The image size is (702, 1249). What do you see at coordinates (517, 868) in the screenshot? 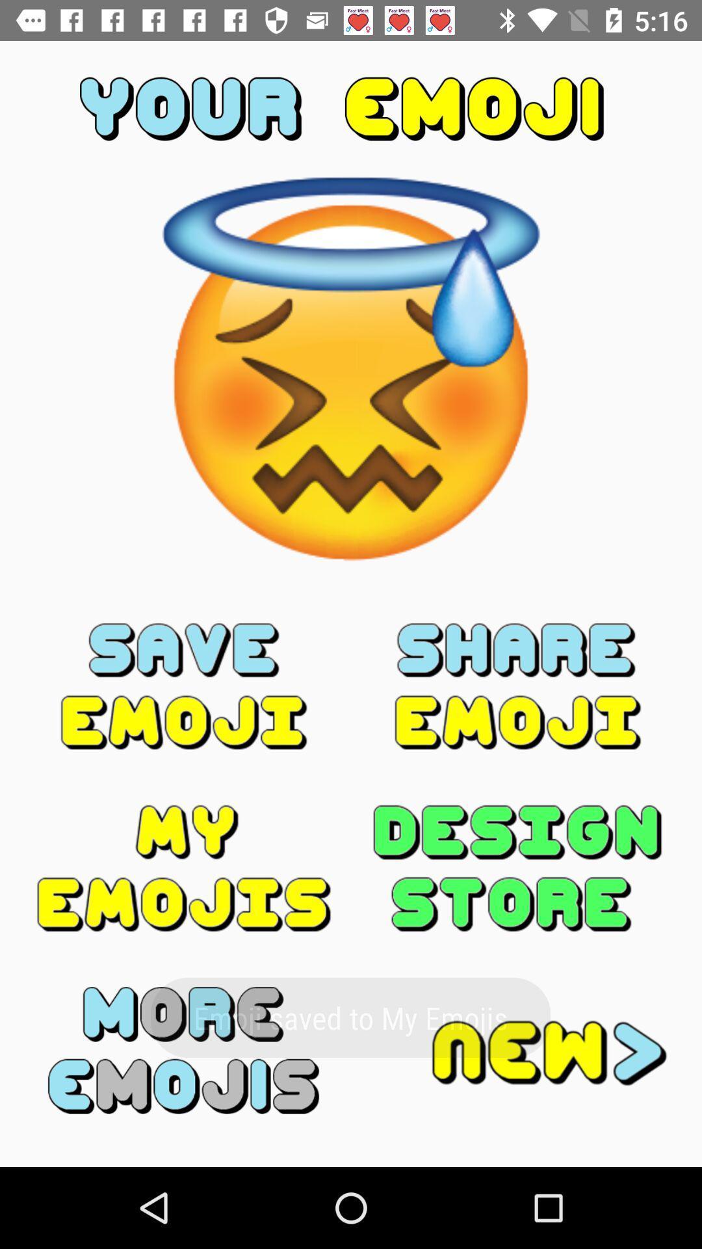
I see `design store` at bounding box center [517, 868].